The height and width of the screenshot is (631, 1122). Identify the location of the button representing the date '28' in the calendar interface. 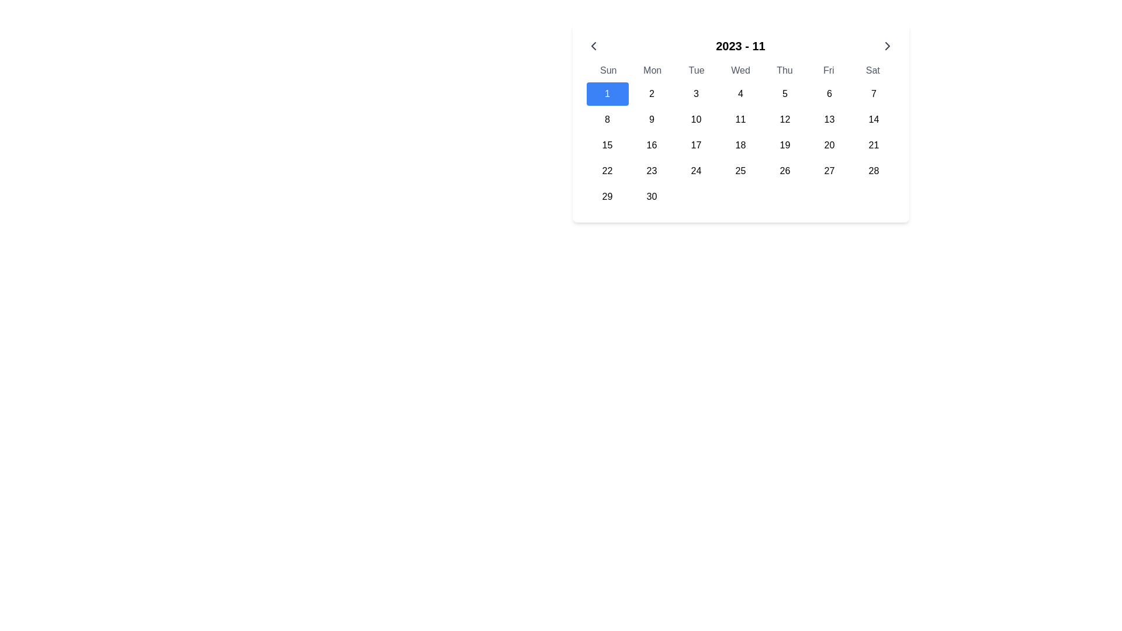
(874, 171).